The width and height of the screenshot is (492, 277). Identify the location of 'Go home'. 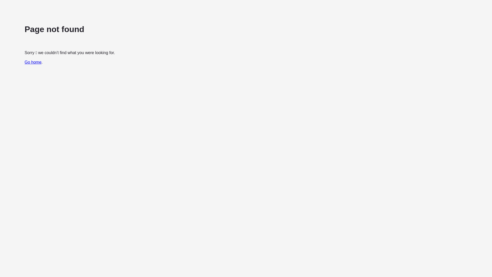
(24, 62).